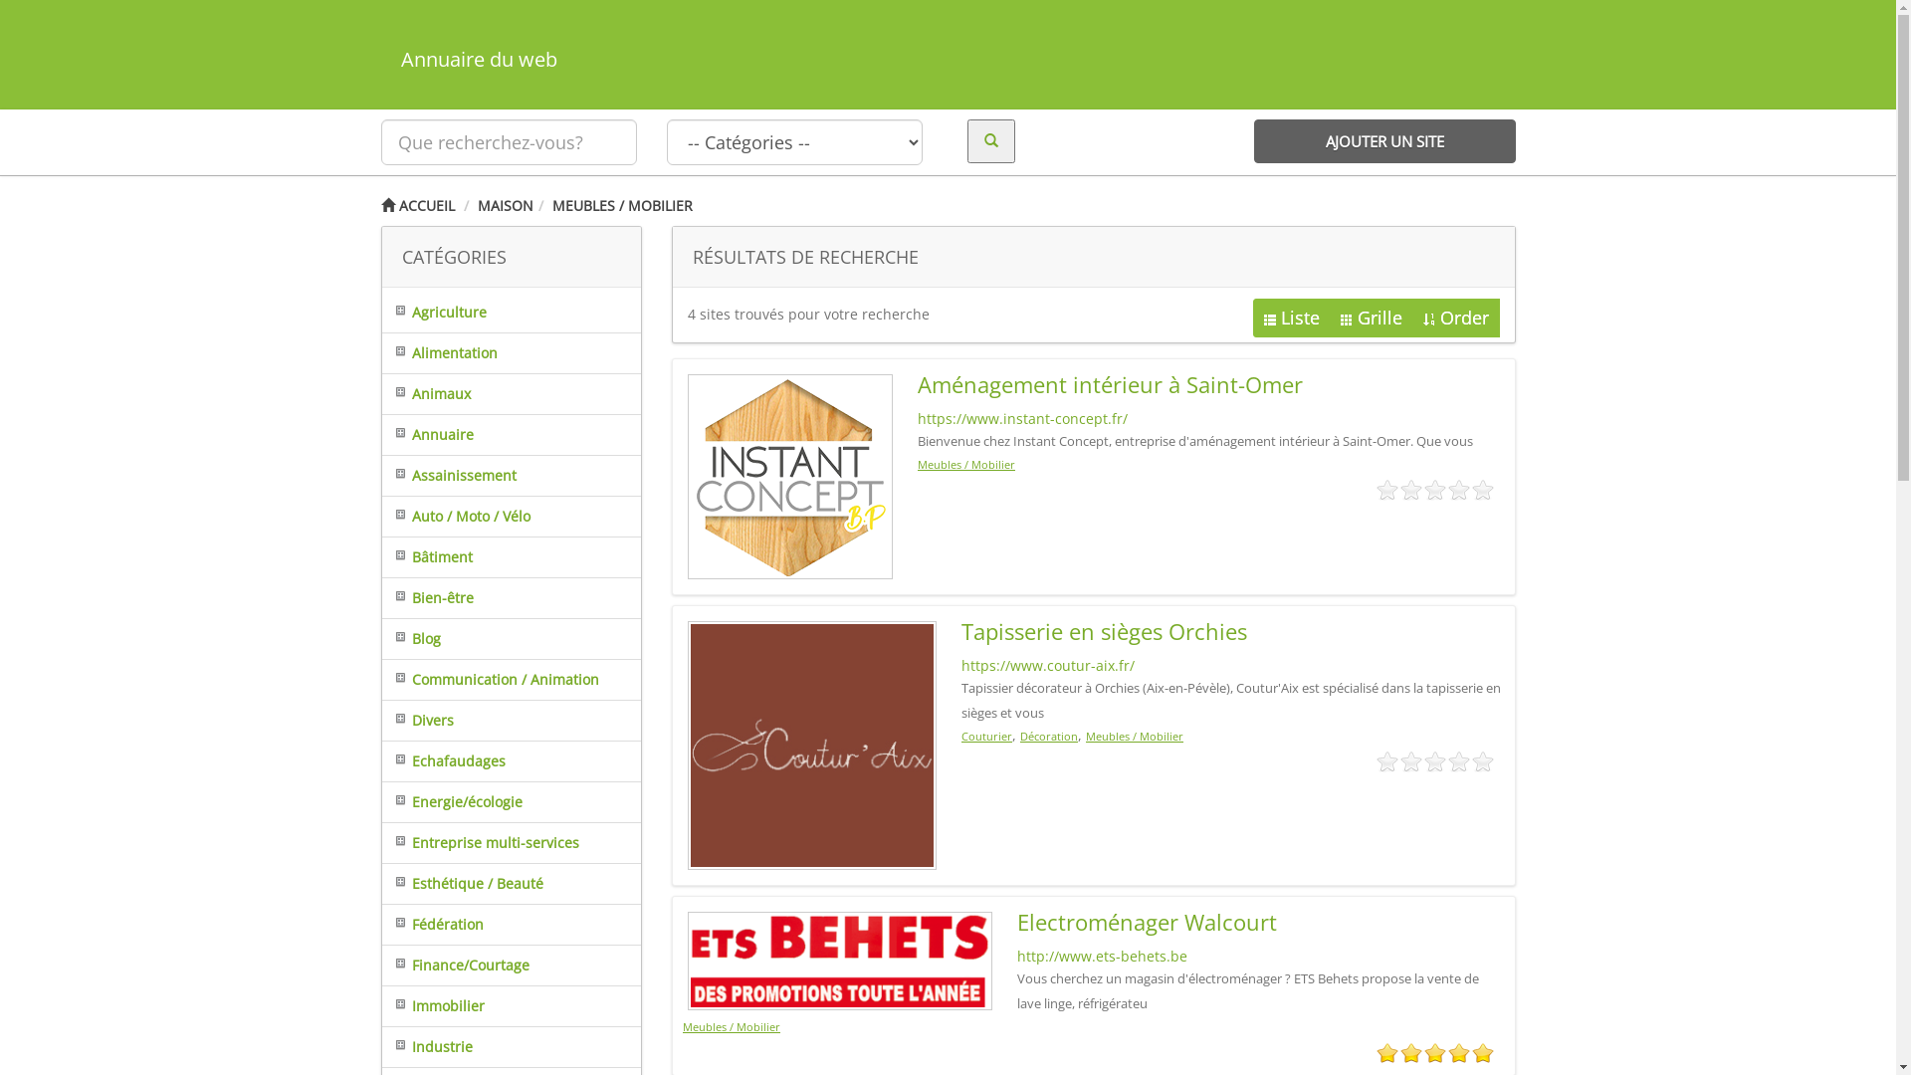  Describe the element at coordinates (506, 205) in the screenshot. I see `'MAISON'` at that location.